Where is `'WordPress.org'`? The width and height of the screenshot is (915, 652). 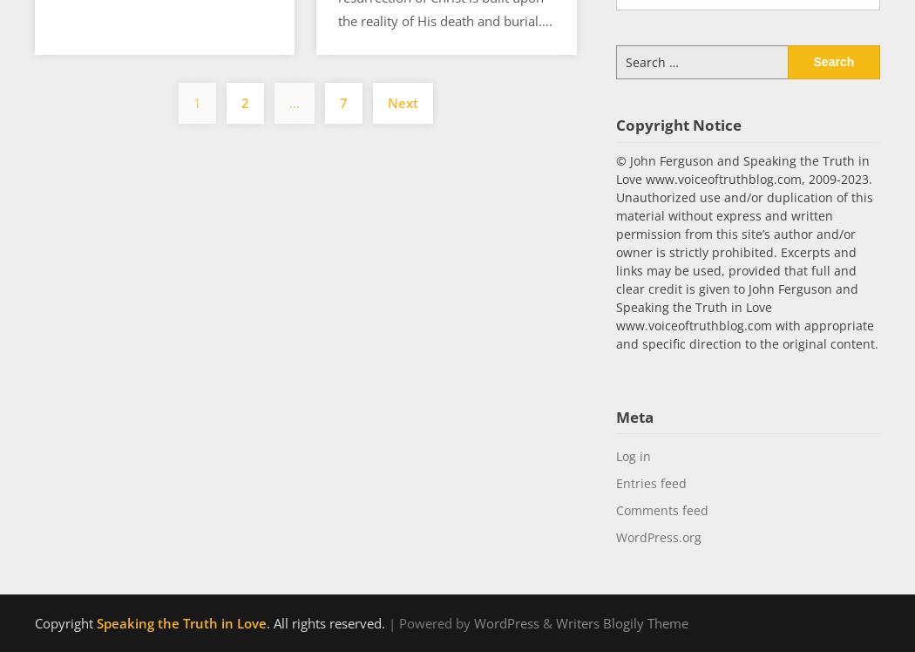 'WordPress.org' is located at coordinates (657, 536).